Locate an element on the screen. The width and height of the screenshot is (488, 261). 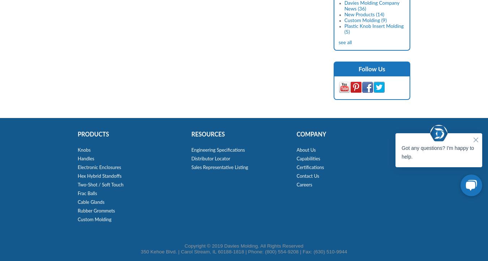
'Capabilities' is located at coordinates (308, 159).